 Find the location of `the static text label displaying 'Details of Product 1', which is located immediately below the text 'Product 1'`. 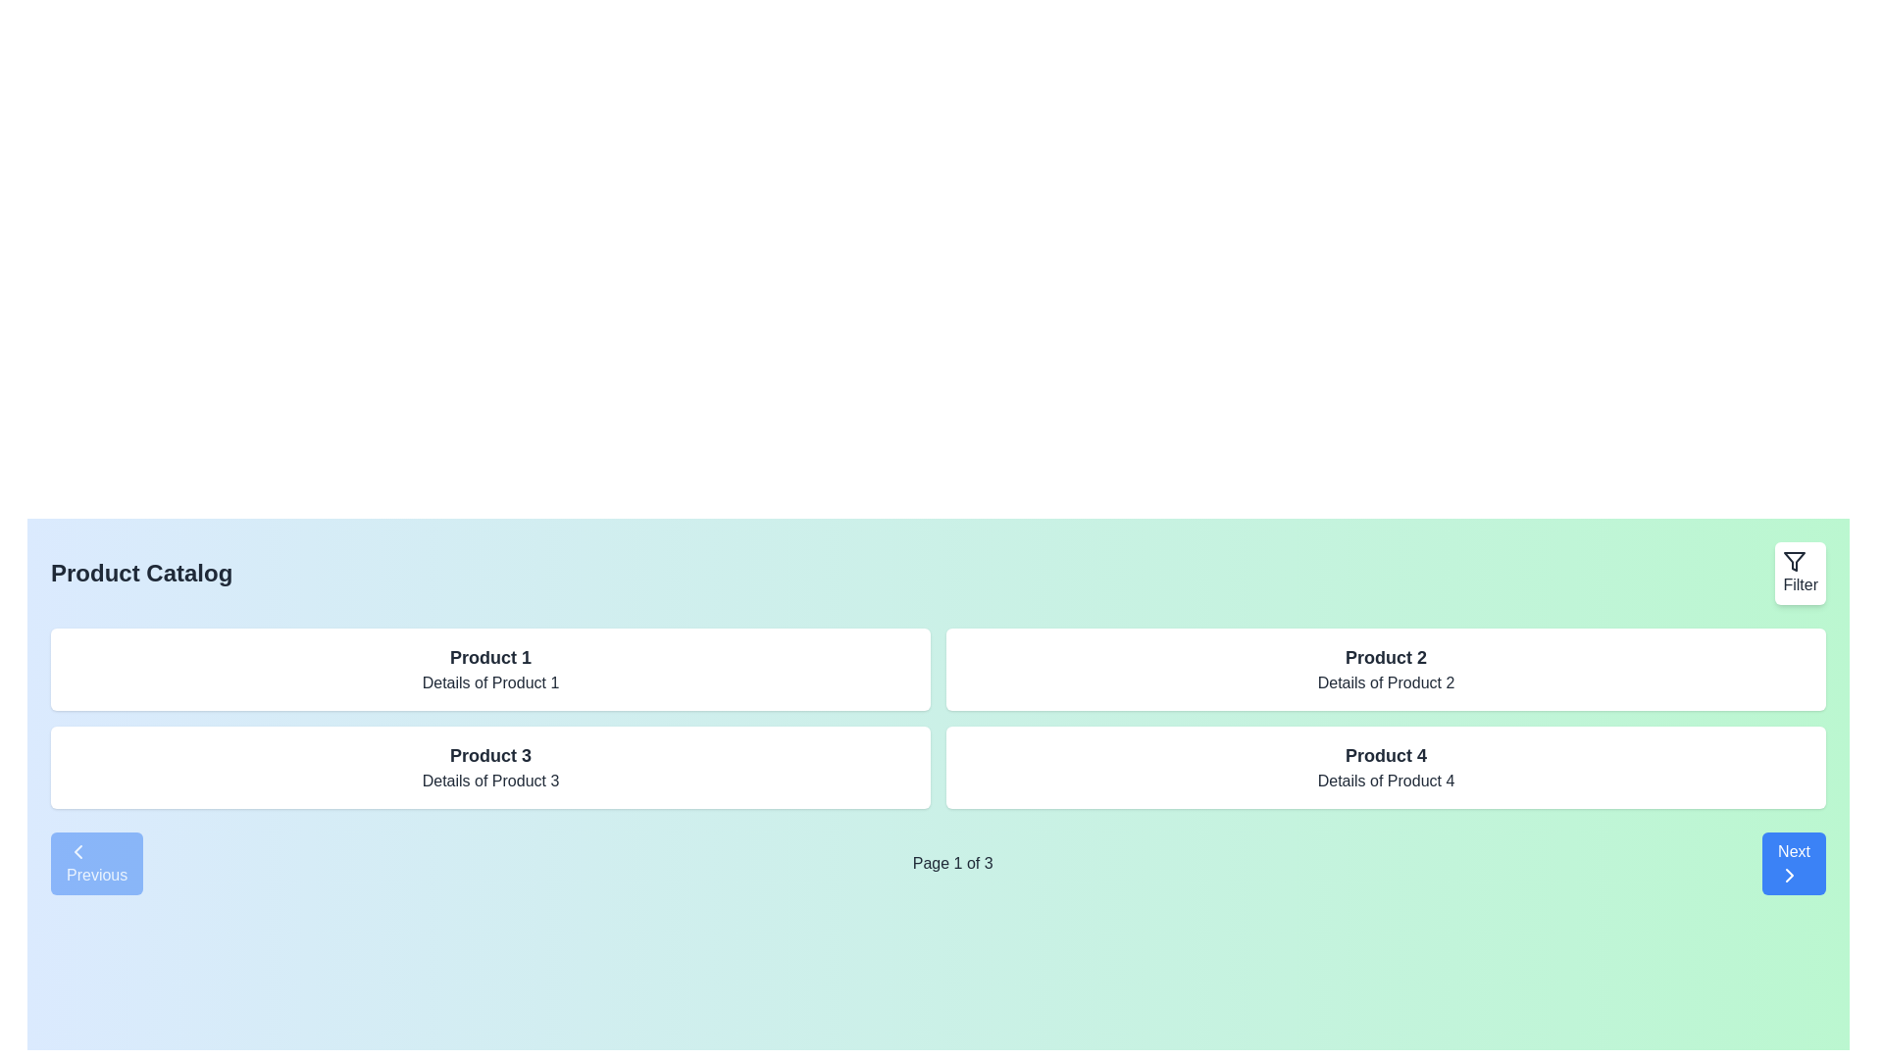

the static text label displaying 'Details of Product 1', which is located immediately below the text 'Product 1' is located at coordinates (490, 682).